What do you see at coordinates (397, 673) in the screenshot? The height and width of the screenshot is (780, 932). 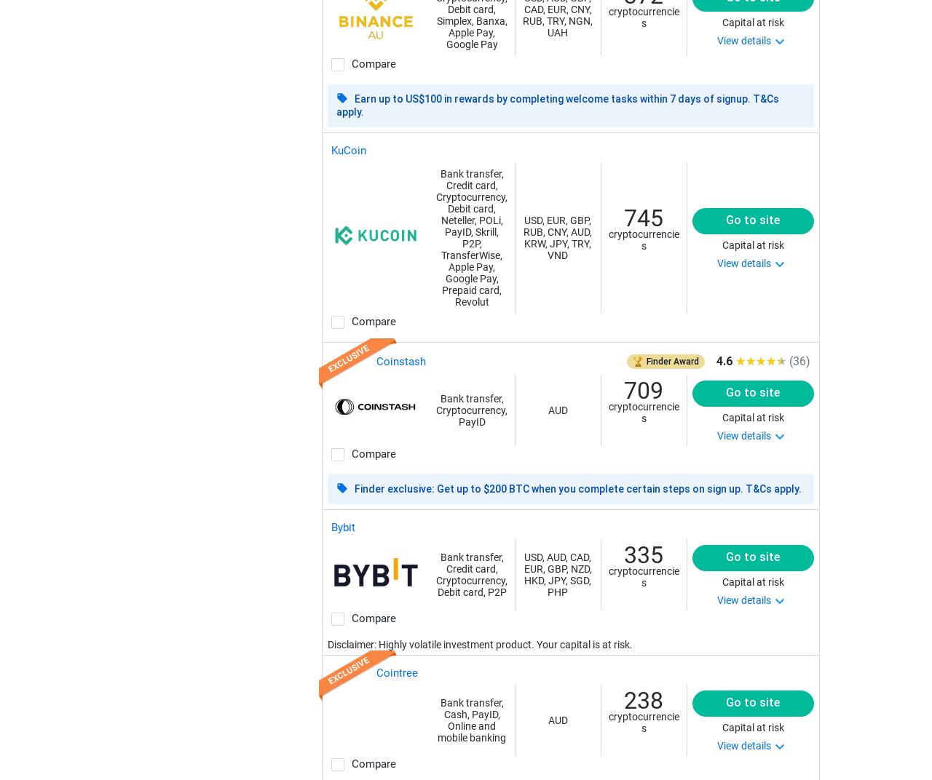 I see `'Cointree'` at bounding box center [397, 673].